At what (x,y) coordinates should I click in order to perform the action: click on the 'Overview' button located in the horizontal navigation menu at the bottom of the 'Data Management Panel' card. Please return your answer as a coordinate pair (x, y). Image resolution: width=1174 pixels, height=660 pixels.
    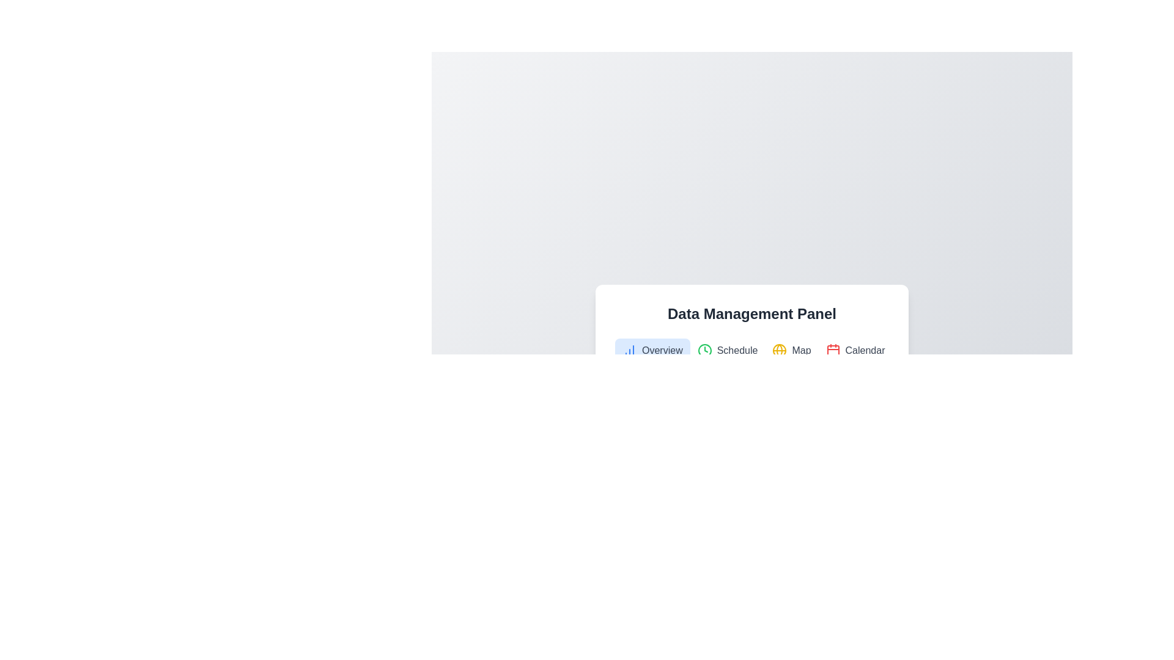
    Looking at the image, I should click on (652, 351).